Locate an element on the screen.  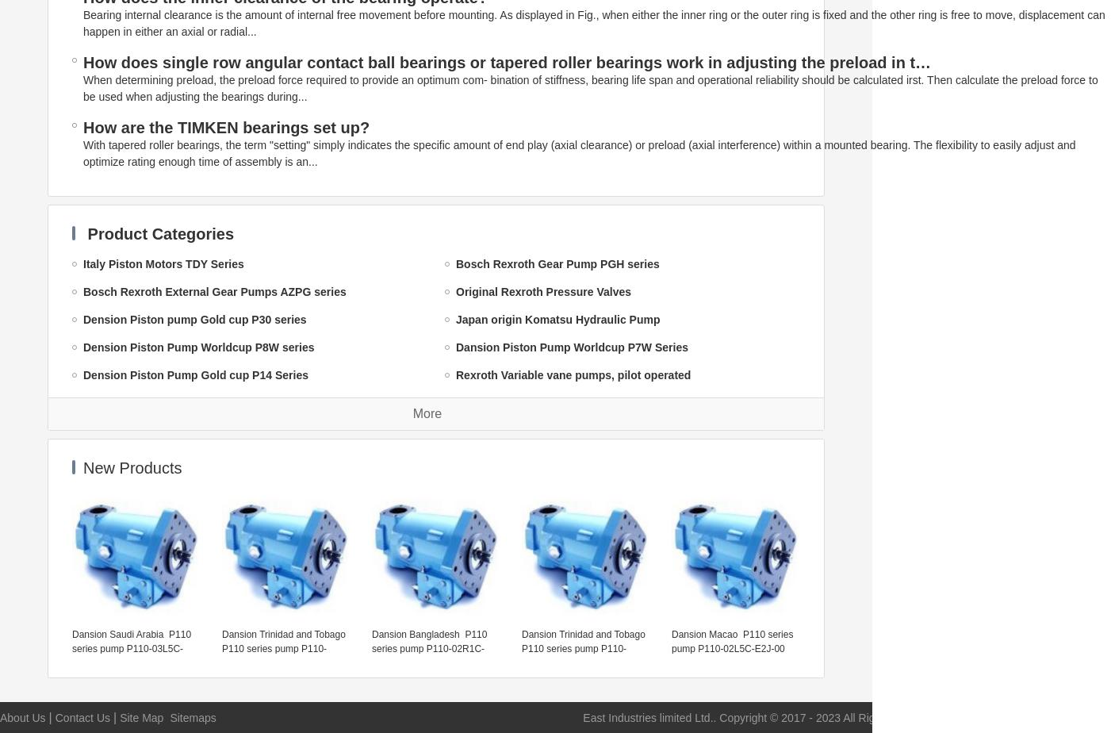
'How are the TIMKEN bearings set up?' is located at coordinates (225, 127).